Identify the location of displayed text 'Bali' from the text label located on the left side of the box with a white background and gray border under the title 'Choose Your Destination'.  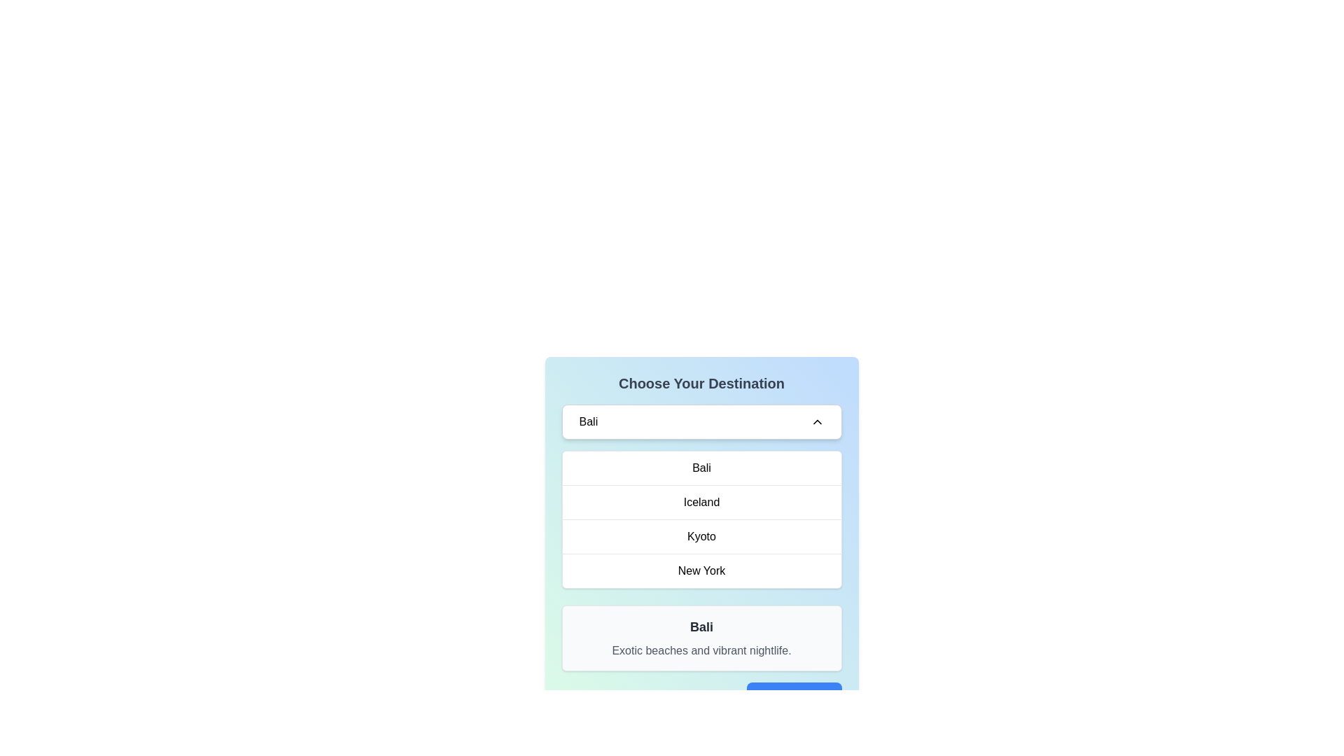
(588, 421).